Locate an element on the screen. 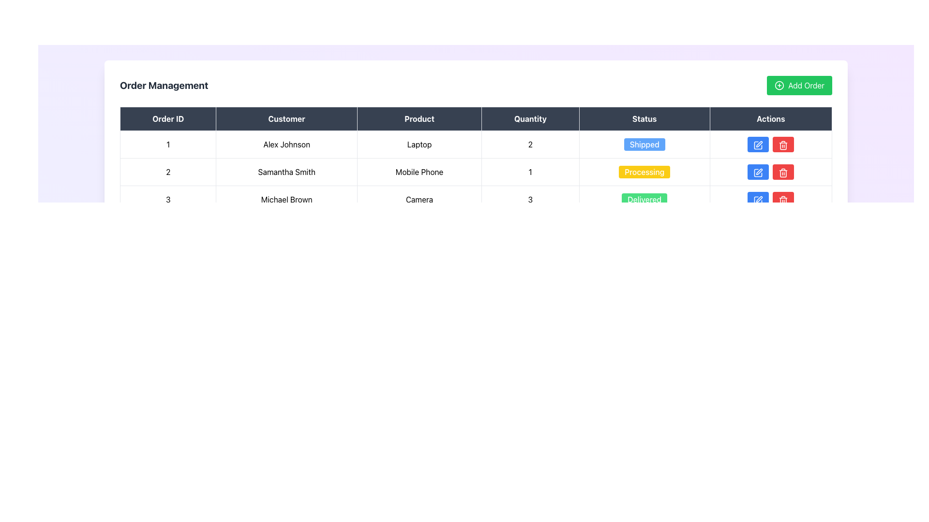 The width and height of the screenshot is (929, 522). the non-interactive delivery status indicator button for 'Michael Brown' and 'Camera' in the third row of the table under the 'Status' column is located at coordinates (644, 199).